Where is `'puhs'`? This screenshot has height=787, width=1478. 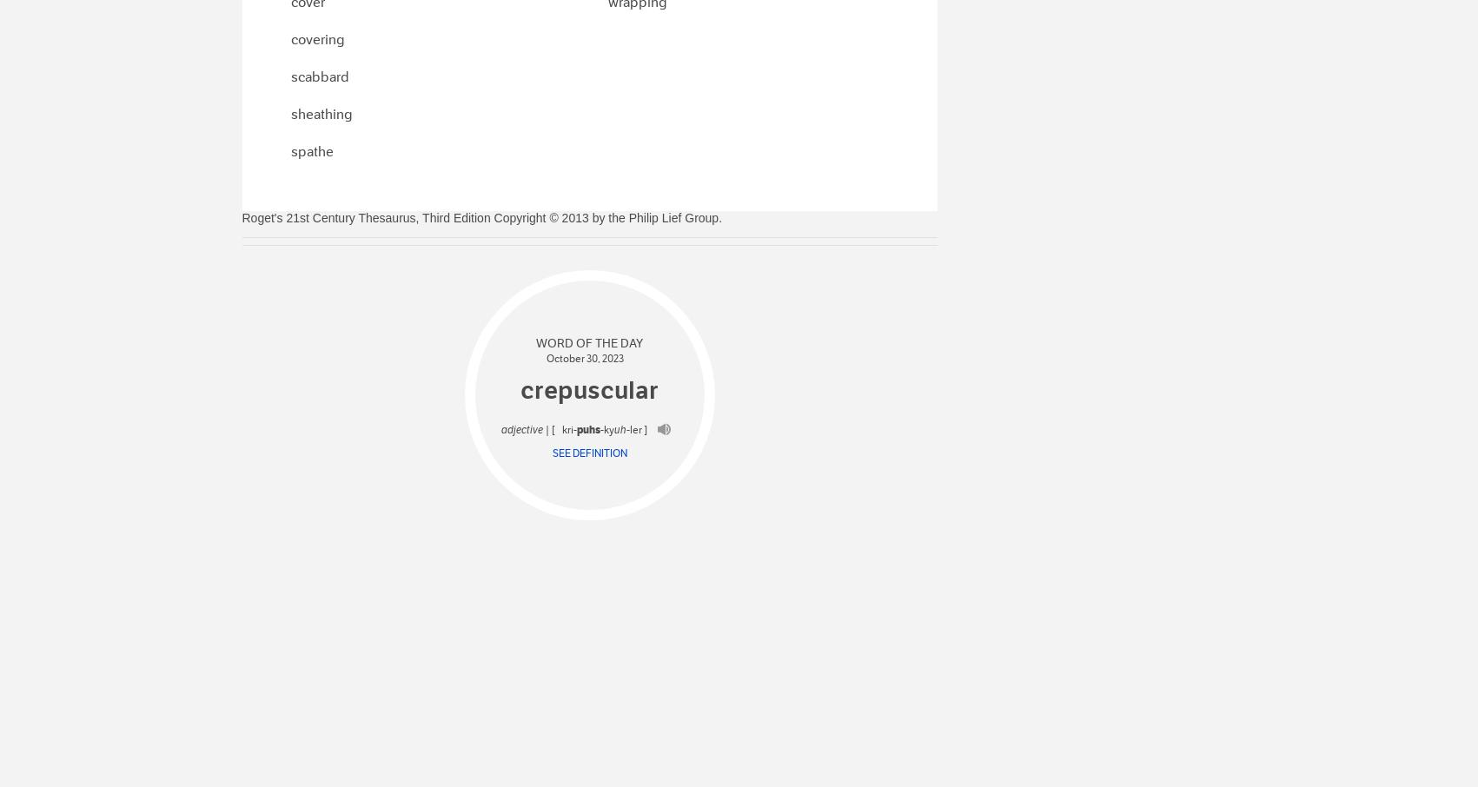
'puhs' is located at coordinates (587, 428).